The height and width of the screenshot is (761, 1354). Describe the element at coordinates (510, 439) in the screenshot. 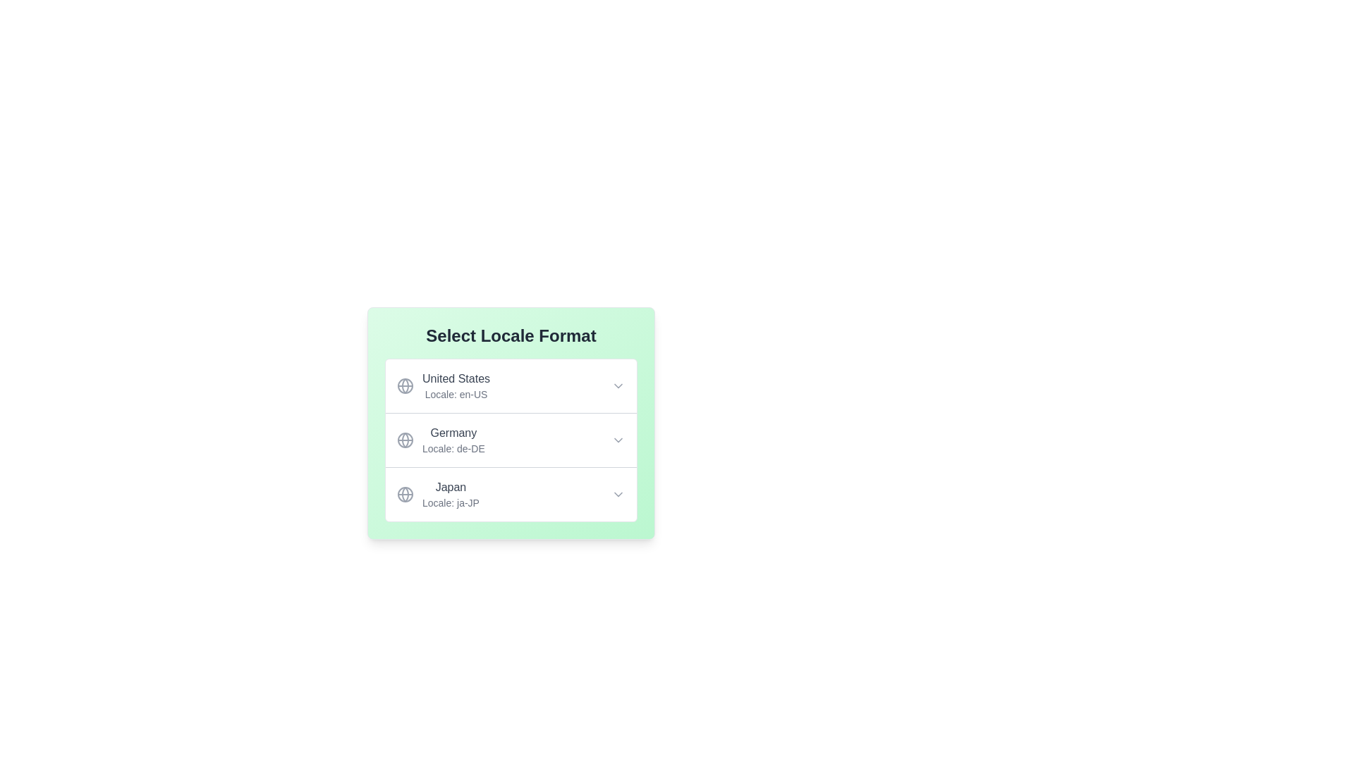

I see `the second list item in a vertically stacked list that allows users to select or view details about the locale for Germany` at that location.